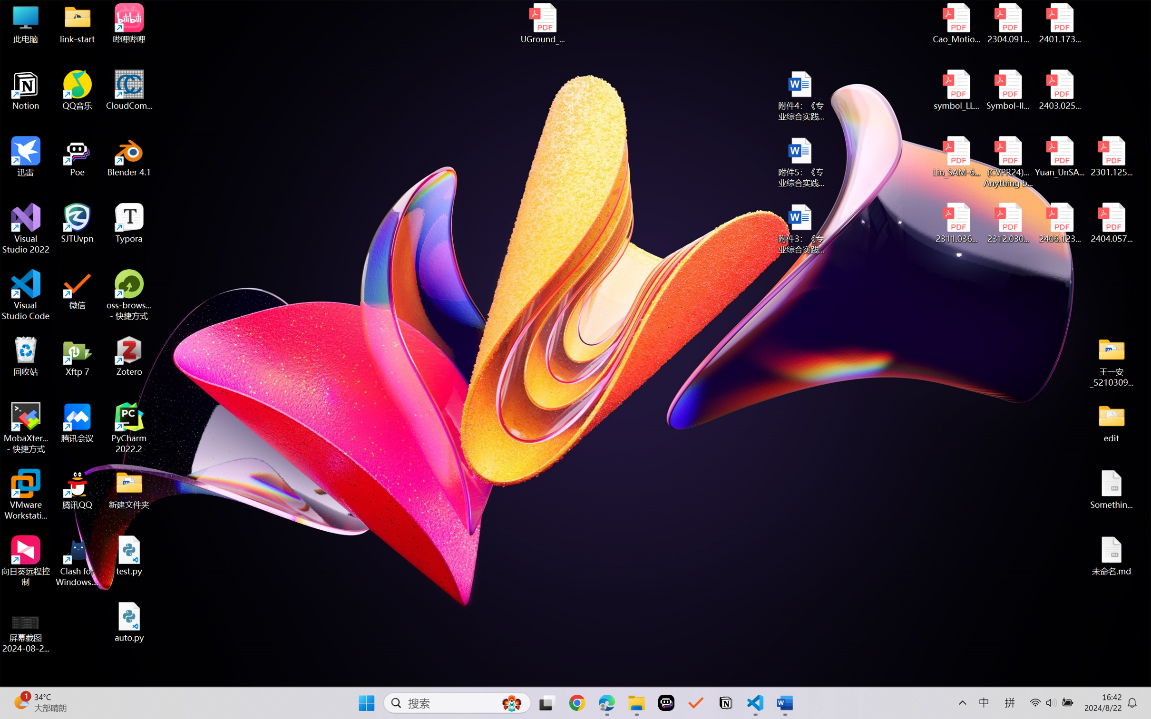 The image size is (1151, 719). What do you see at coordinates (1007, 90) in the screenshot?
I see `'Symbol-llm-v2.pdf'` at bounding box center [1007, 90].